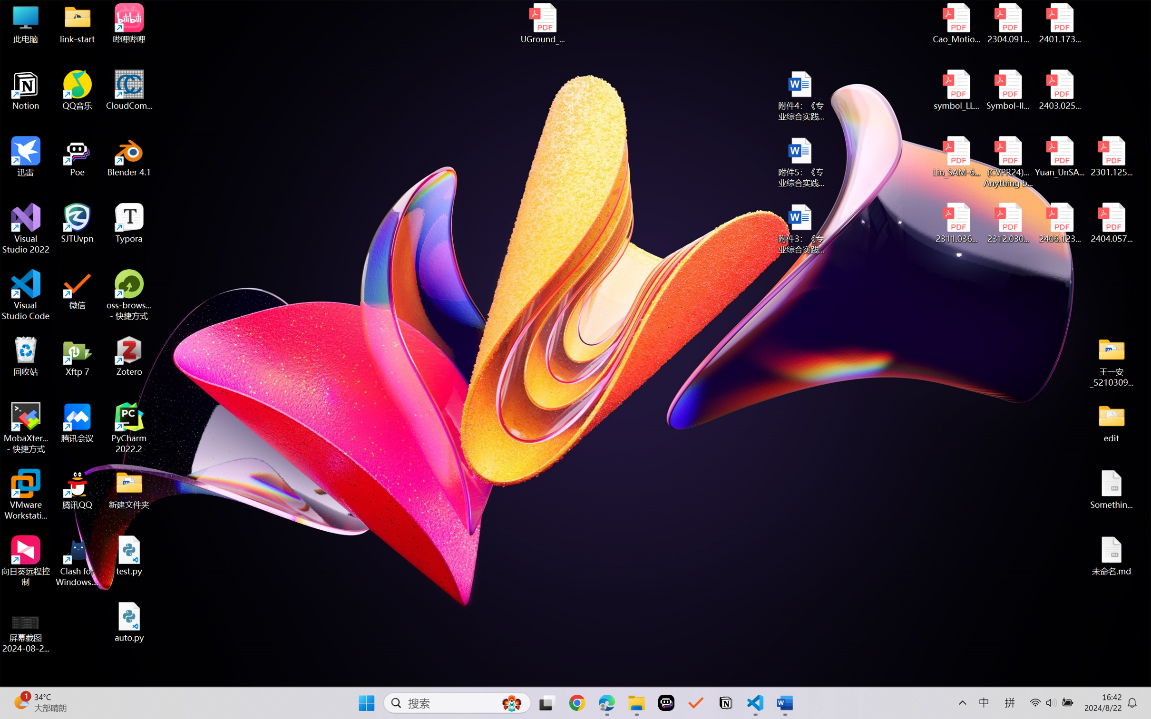 The image size is (1151, 719). What do you see at coordinates (1007, 90) in the screenshot?
I see `'Symbol-llm-v2.pdf'` at bounding box center [1007, 90].